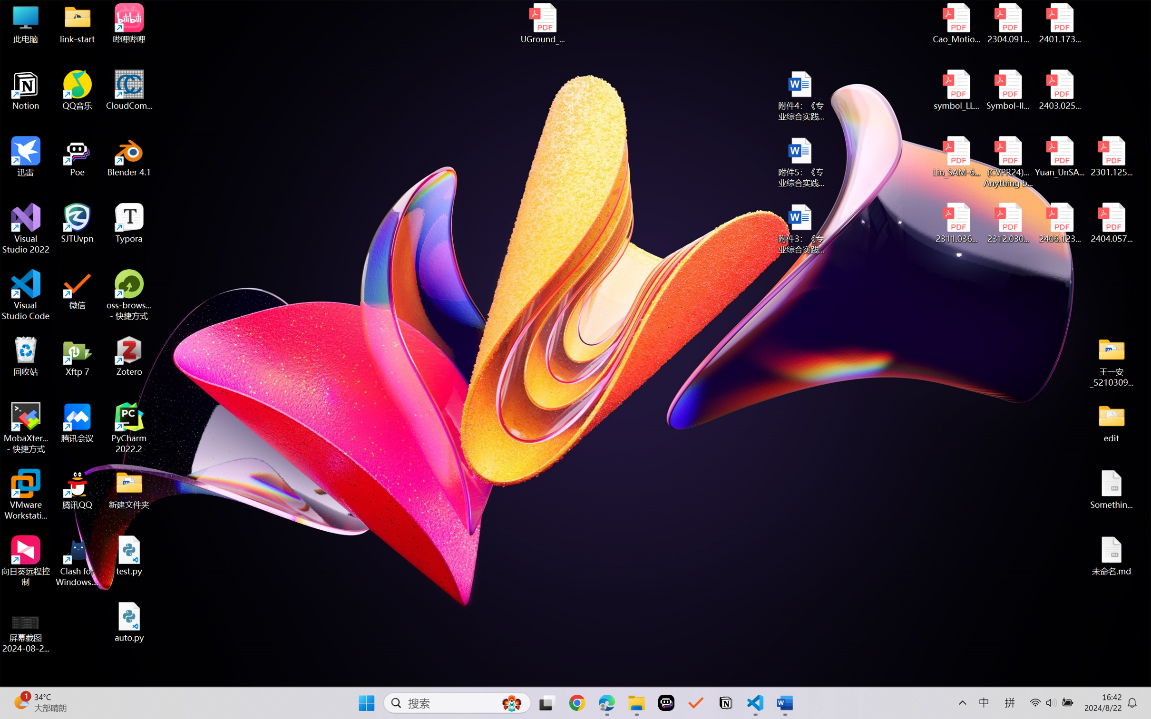 The image size is (1151, 719). What do you see at coordinates (1007, 90) in the screenshot?
I see `'Symbol-llm-v2.pdf'` at bounding box center [1007, 90].